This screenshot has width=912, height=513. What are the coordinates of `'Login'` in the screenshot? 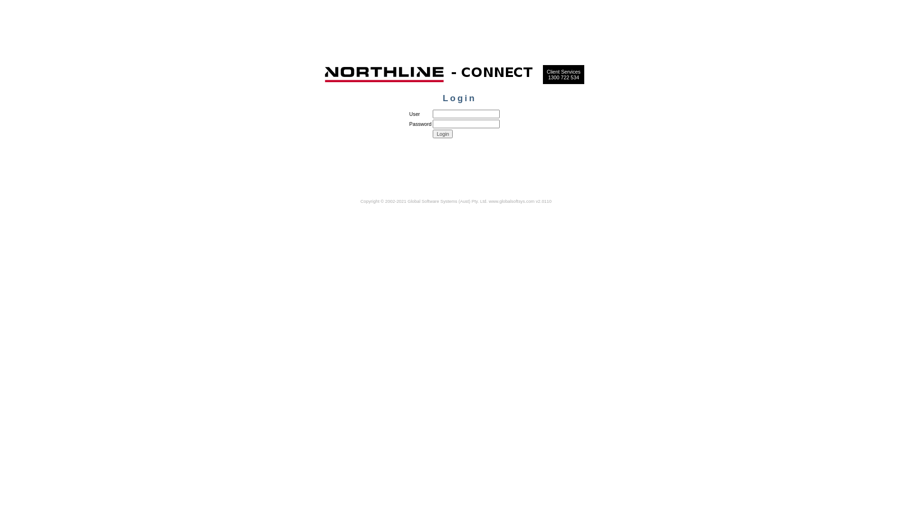 It's located at (442, 133).